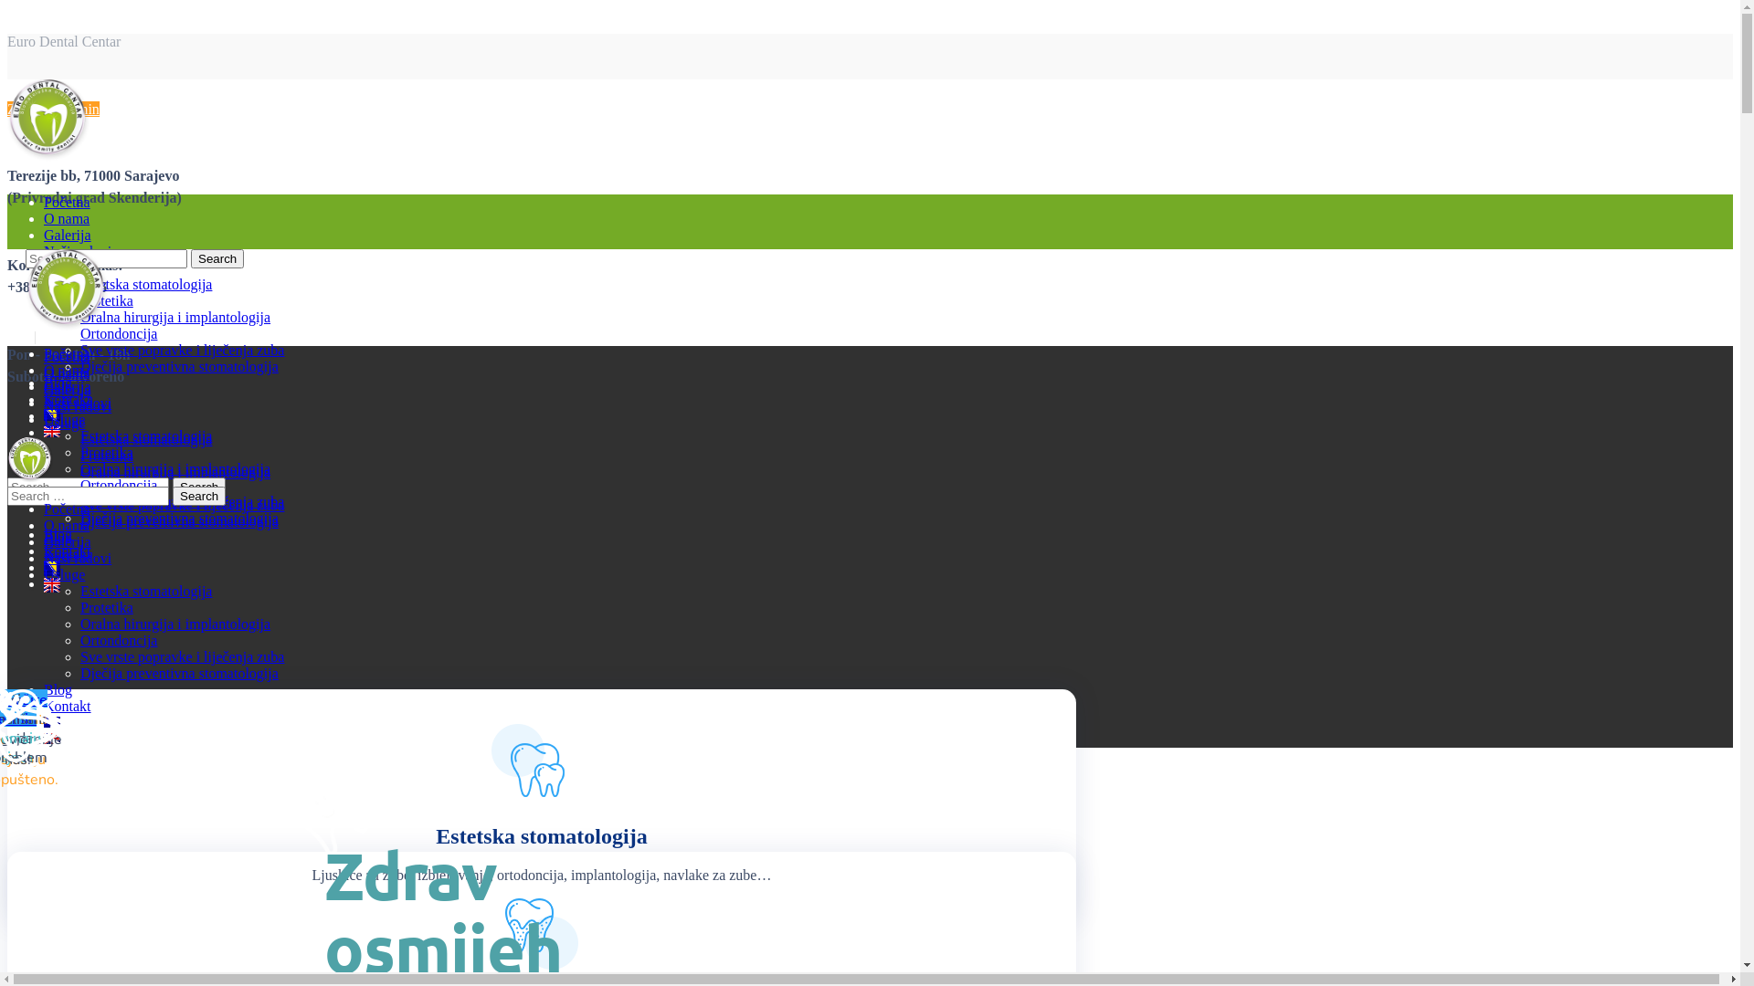 This screenshot has width=1754, height=986. I want to click on 'Oralna hirurgija i implantologija', so click(175, 467).